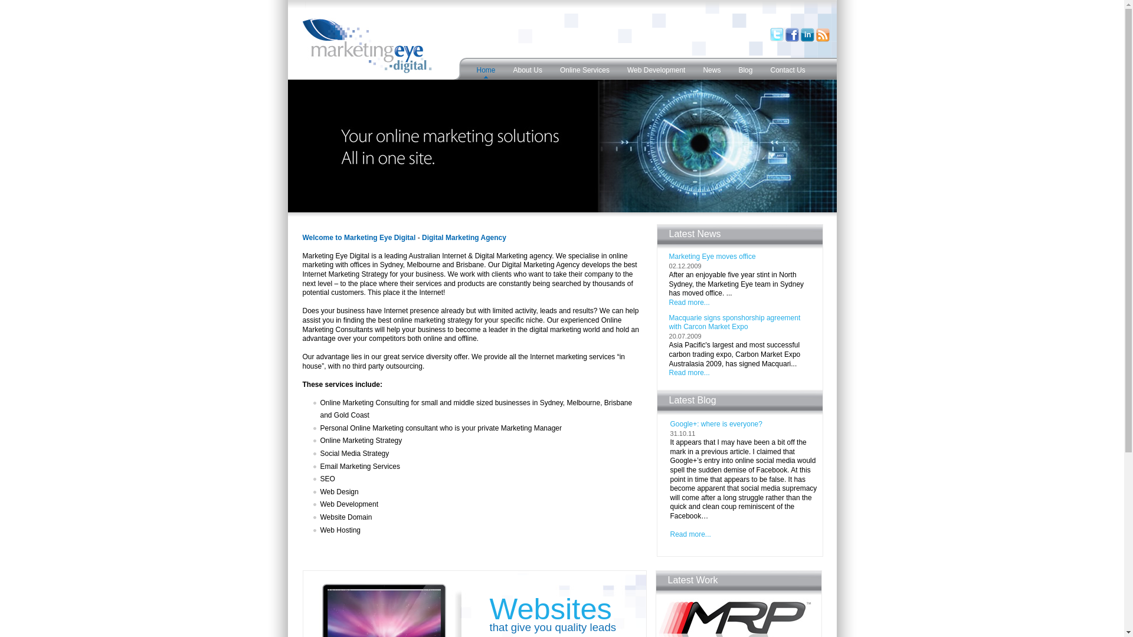  I want to click on 'Online Services', so click(584, 68).